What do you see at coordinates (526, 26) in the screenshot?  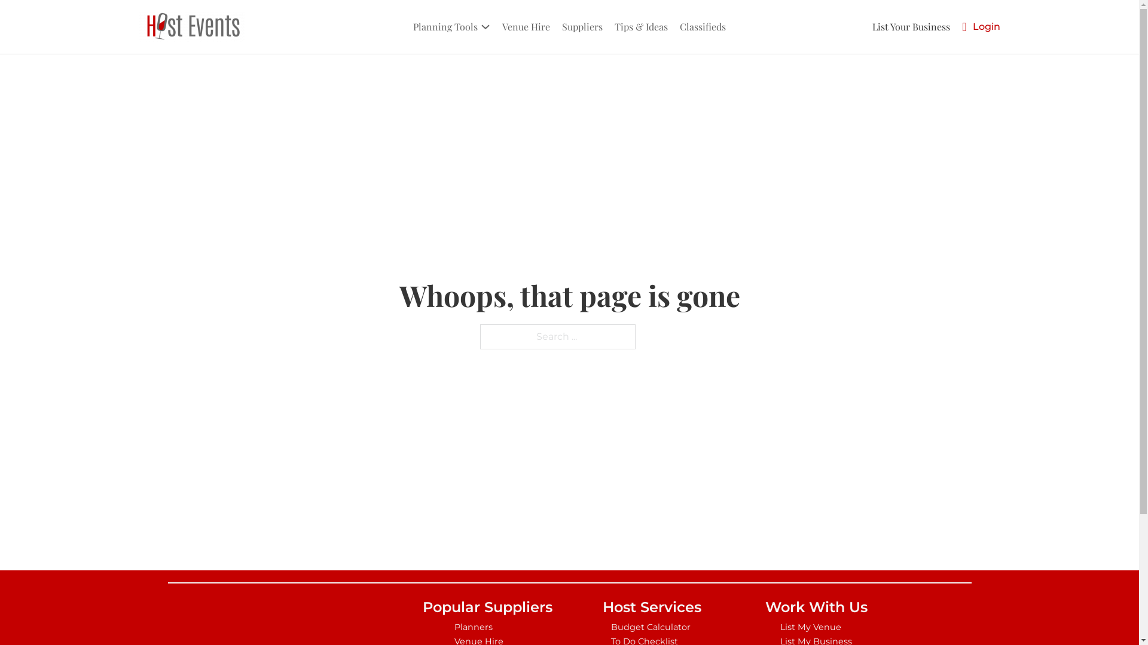 I see `'Venue Hire'` at bounding box center [526, 26].